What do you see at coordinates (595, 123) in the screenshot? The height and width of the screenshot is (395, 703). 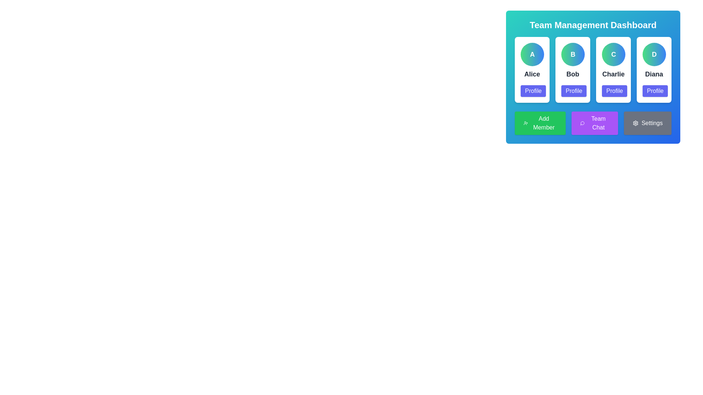 I see `the 'Team Chat' button, which has a purple background and a speech bubble icon, to observe its hover effects` at bounding box center [595, 123].